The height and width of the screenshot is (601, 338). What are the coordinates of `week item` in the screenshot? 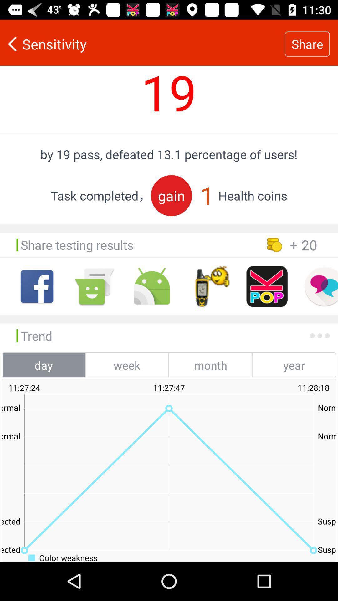 It's located at (127, 365).